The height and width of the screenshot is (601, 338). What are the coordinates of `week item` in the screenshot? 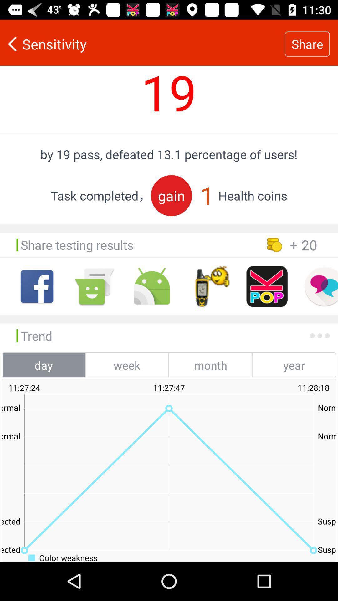 It's located at (127, 365).